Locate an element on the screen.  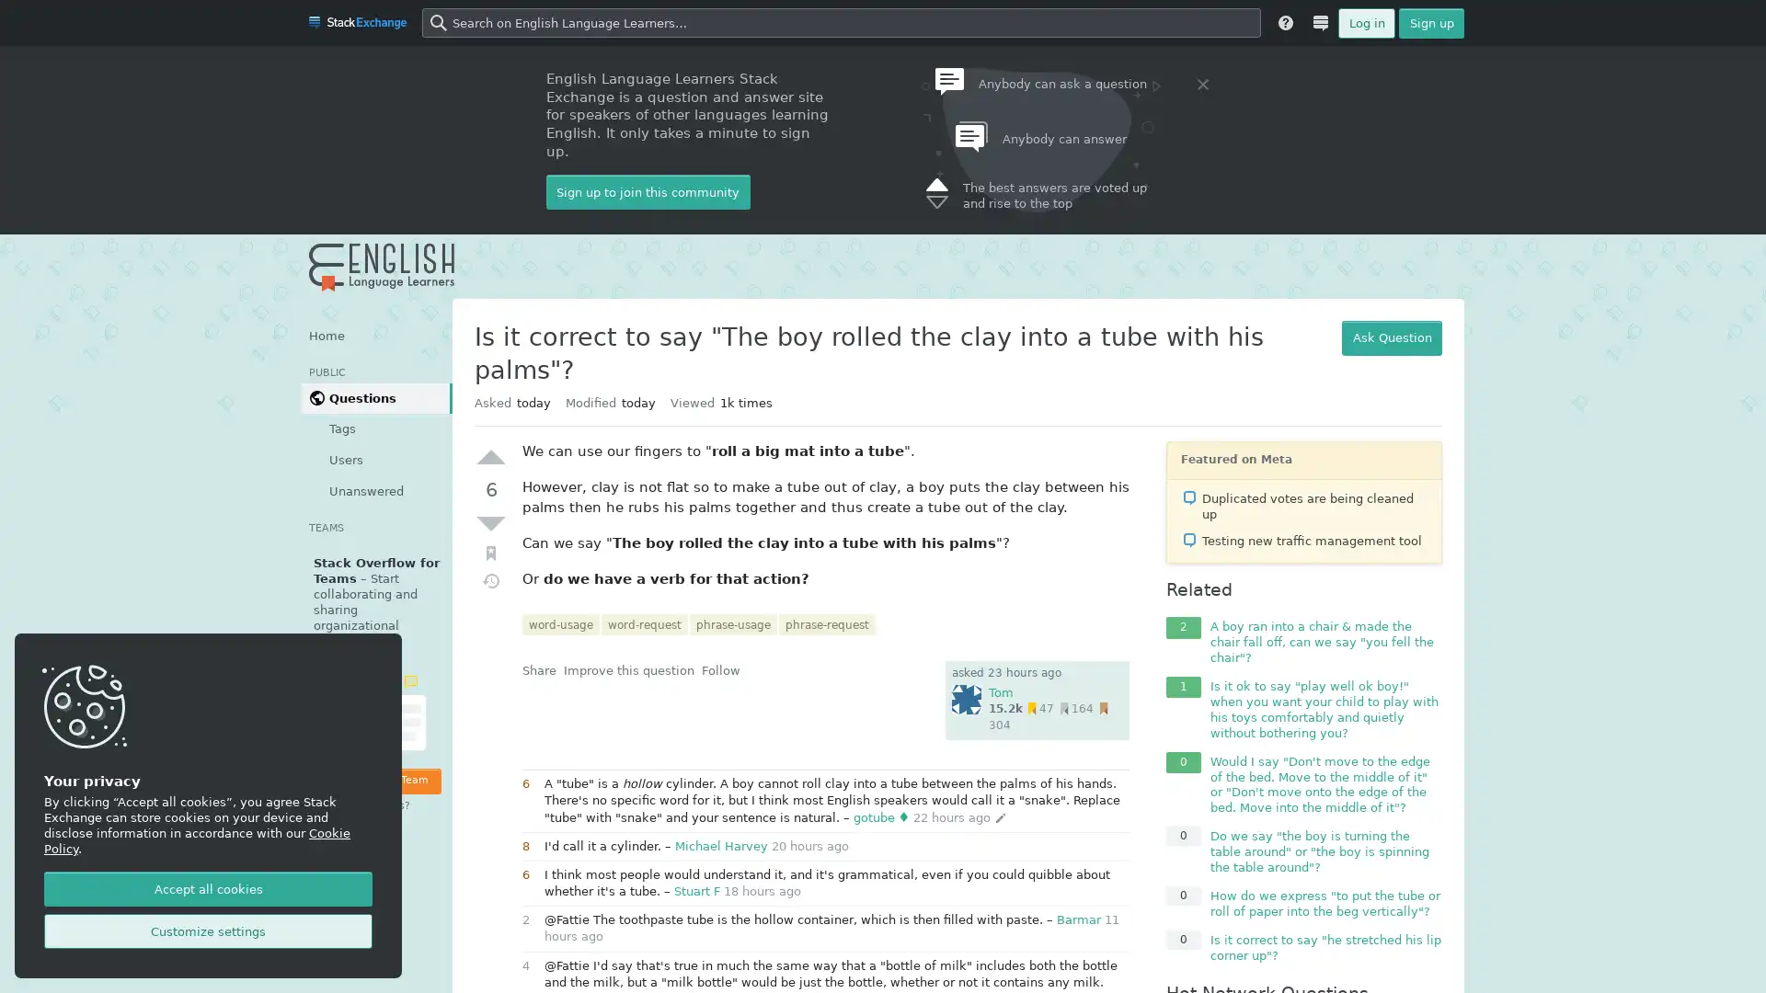
Up vote is located at coordinates (490, 456).